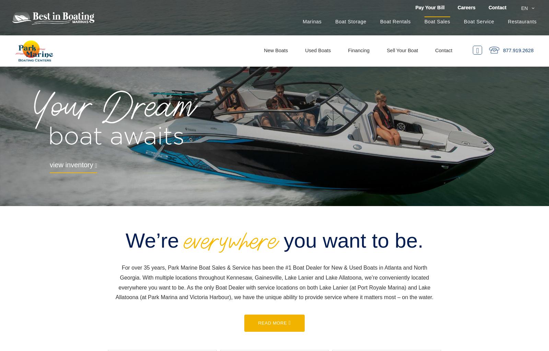 Image resolution: width=549 pixels, height=351 pixels. Describe the element at coordinates (231, 244) in the screenshot. I see `'everywhere'` at that location.